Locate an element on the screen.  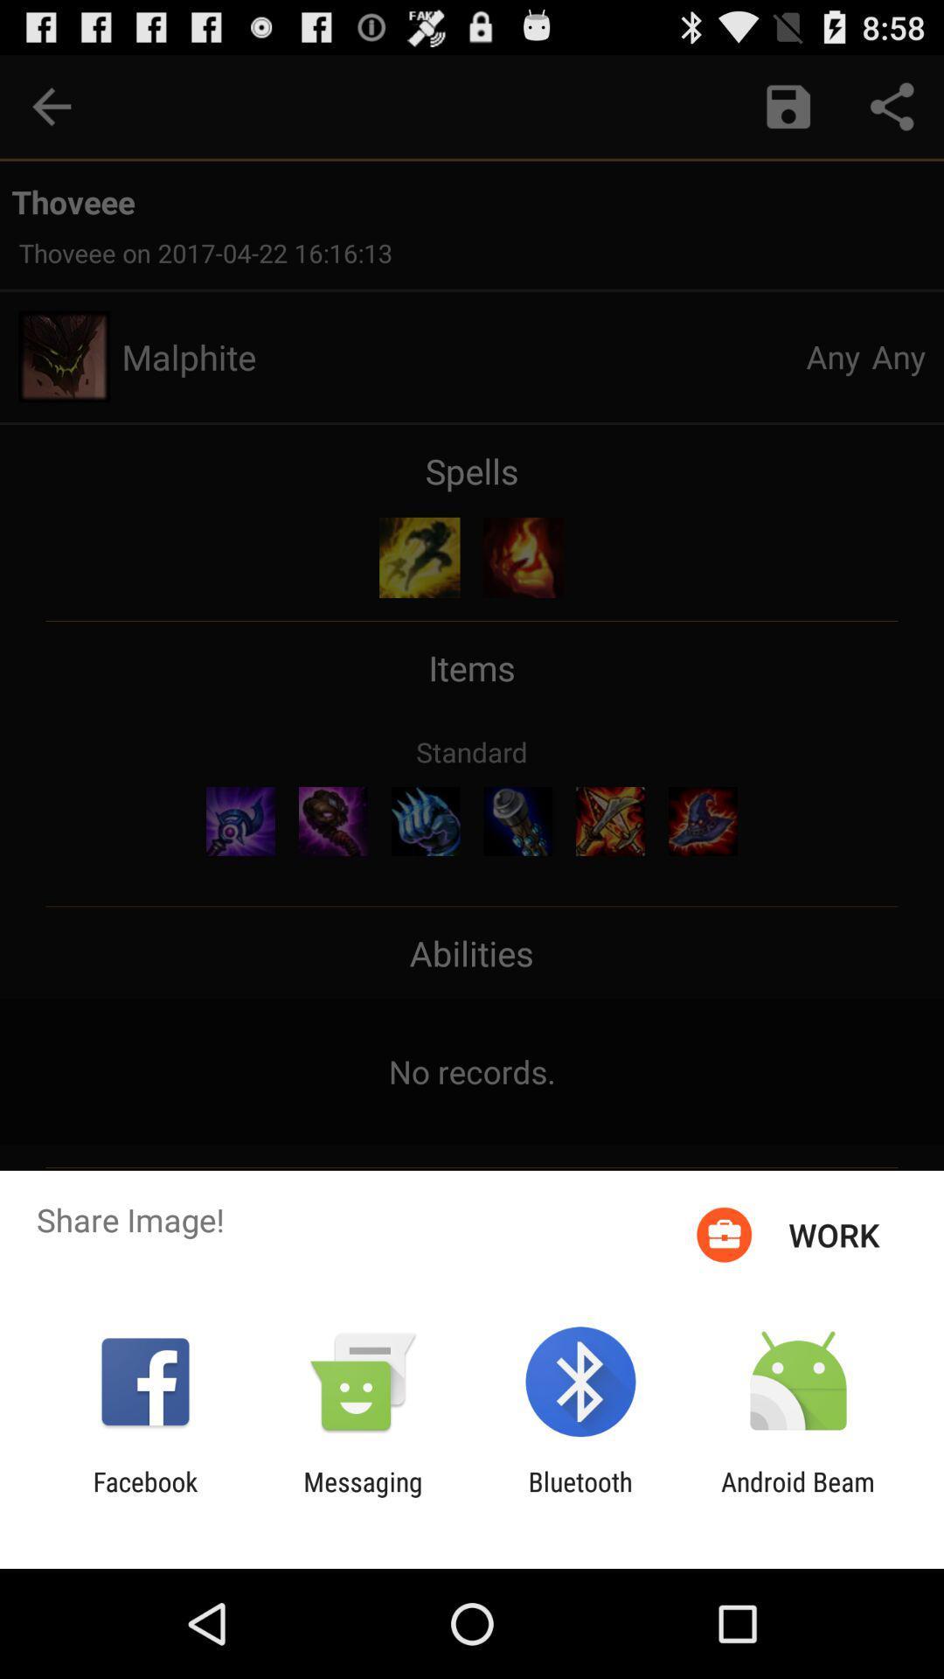
item to the right of messaging icon is located at coordinates (580, 1496).